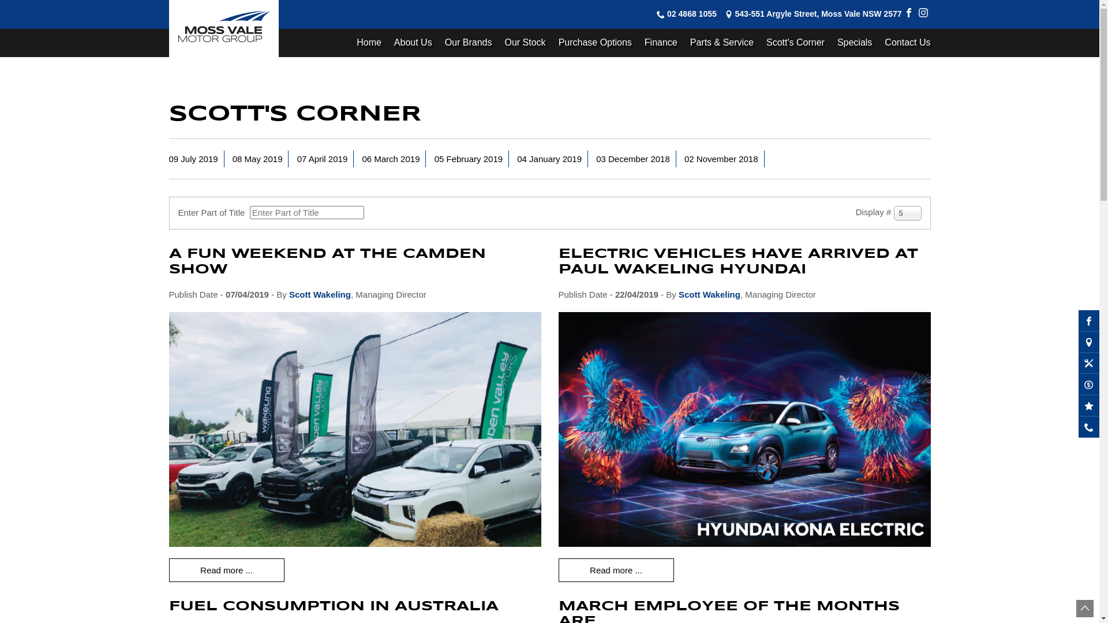 Image resolution: width=1108 pixels, height=623 pixels. Describe the element at coordinates (226, 569) in the screenshot. I see `'Read more ...'` at that location.